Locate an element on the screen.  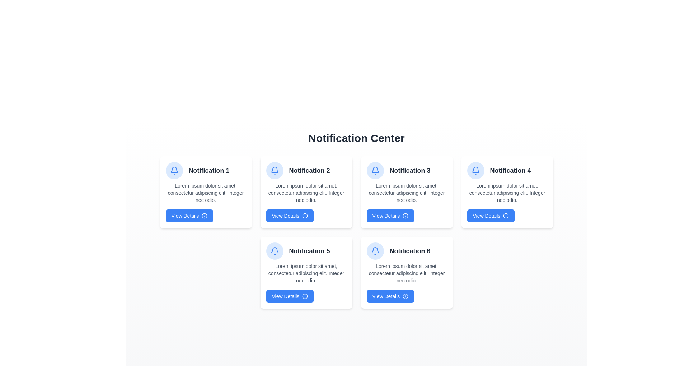
keyboard navigation is located at coordinates (290, 216).